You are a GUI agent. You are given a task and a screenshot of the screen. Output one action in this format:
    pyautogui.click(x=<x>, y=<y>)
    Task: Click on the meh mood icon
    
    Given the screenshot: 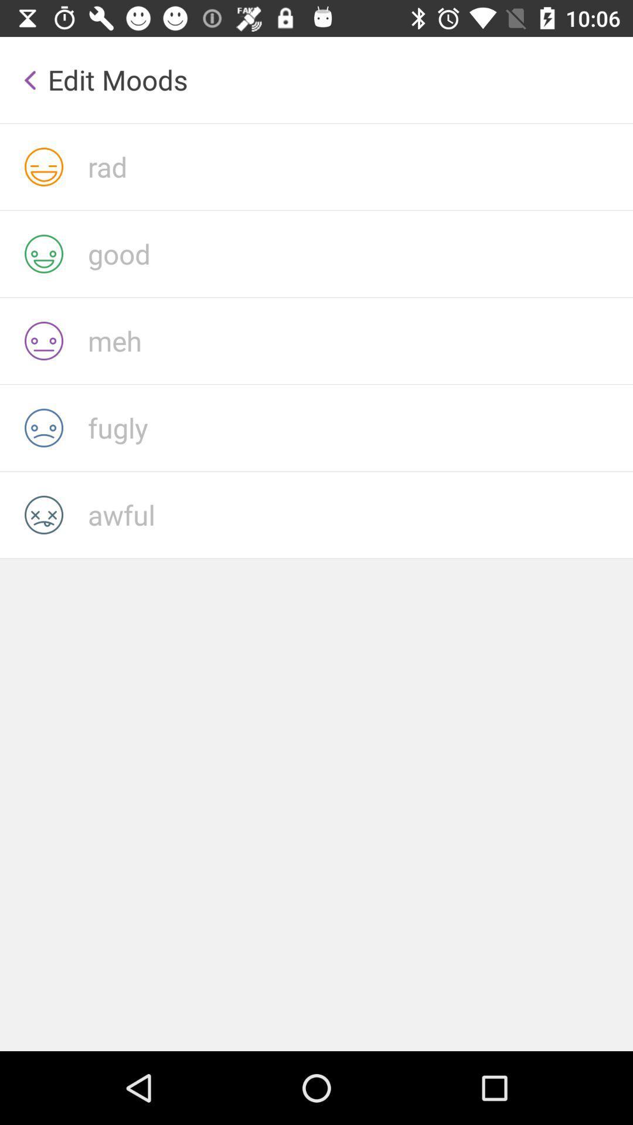 What is the action you would take?
    pyautogui.click(x=359, y=340)
    